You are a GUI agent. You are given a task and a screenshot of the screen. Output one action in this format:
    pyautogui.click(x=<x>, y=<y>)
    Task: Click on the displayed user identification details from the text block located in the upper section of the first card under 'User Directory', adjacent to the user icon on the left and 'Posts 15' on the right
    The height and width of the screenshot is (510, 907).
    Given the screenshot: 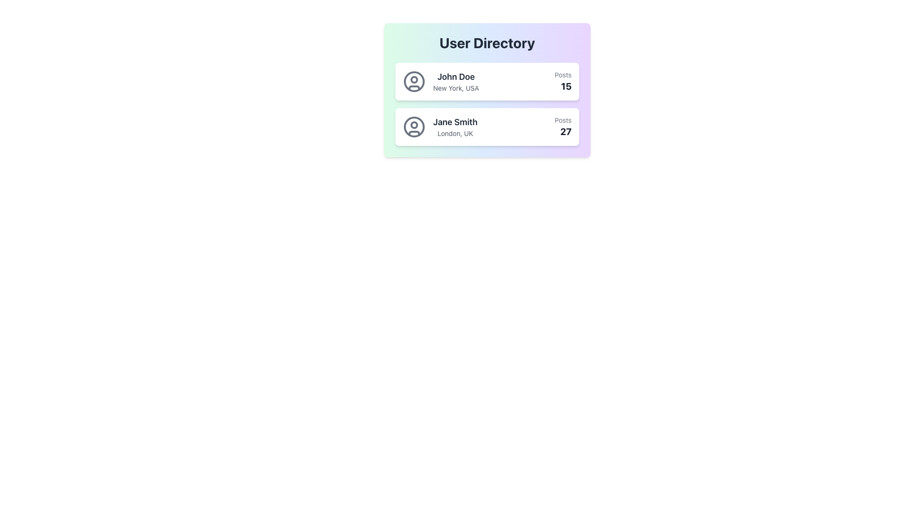 What is the action you would take?
    pyautogui.click(x=456, y=81)
    